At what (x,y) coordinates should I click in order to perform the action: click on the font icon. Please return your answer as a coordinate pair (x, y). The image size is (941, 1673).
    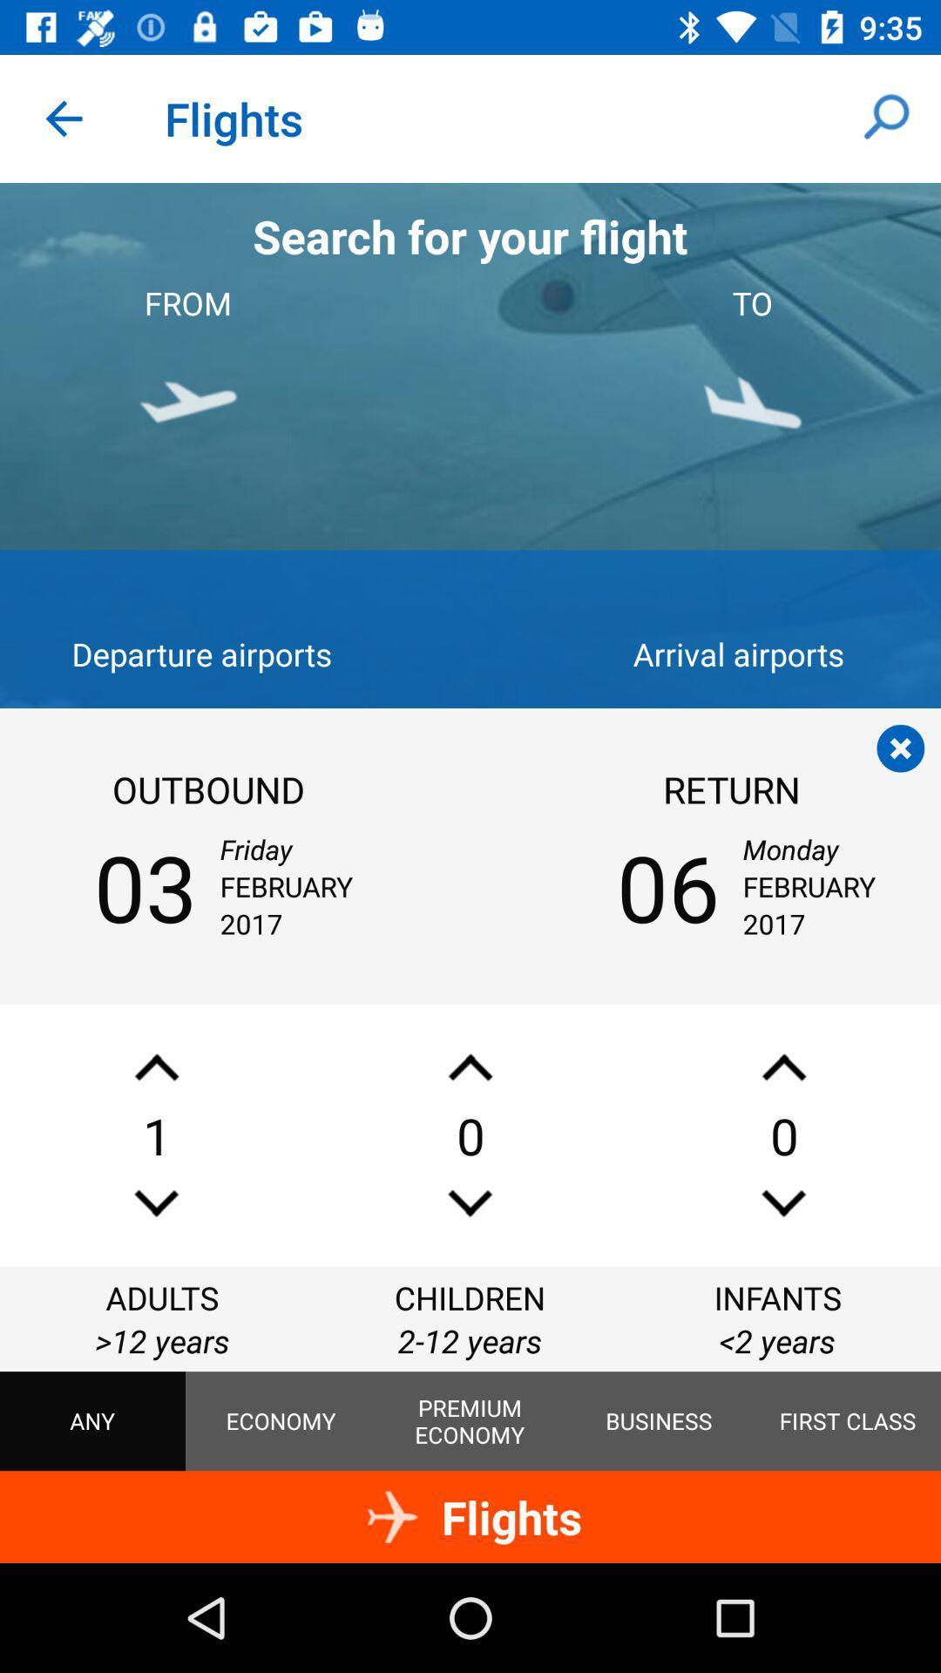
    Looking at the image, I should click on (782, 1067).